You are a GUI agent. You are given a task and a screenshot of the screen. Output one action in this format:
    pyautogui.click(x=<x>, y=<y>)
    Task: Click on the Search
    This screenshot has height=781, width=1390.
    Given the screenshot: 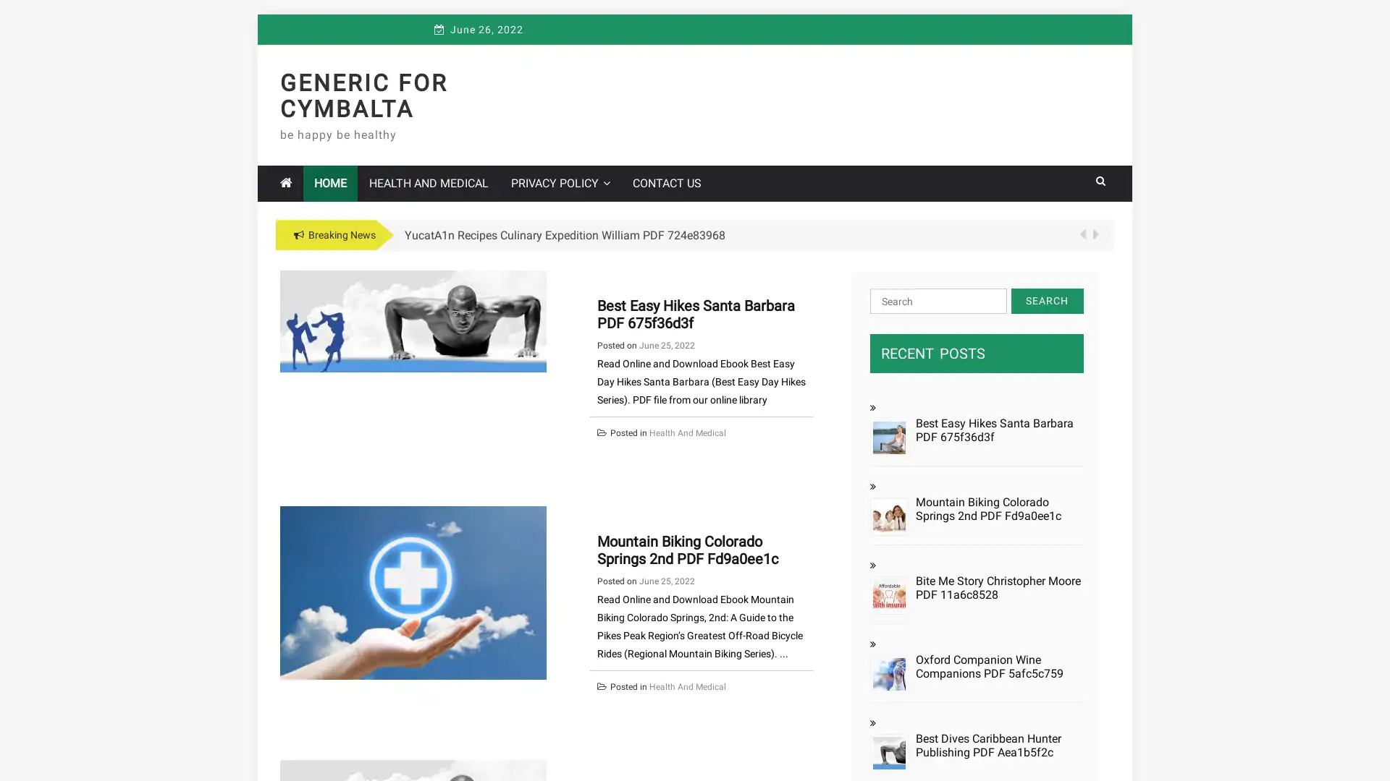 What is the action you would take?
    pyautogui.click(x=1046, y=300)
    